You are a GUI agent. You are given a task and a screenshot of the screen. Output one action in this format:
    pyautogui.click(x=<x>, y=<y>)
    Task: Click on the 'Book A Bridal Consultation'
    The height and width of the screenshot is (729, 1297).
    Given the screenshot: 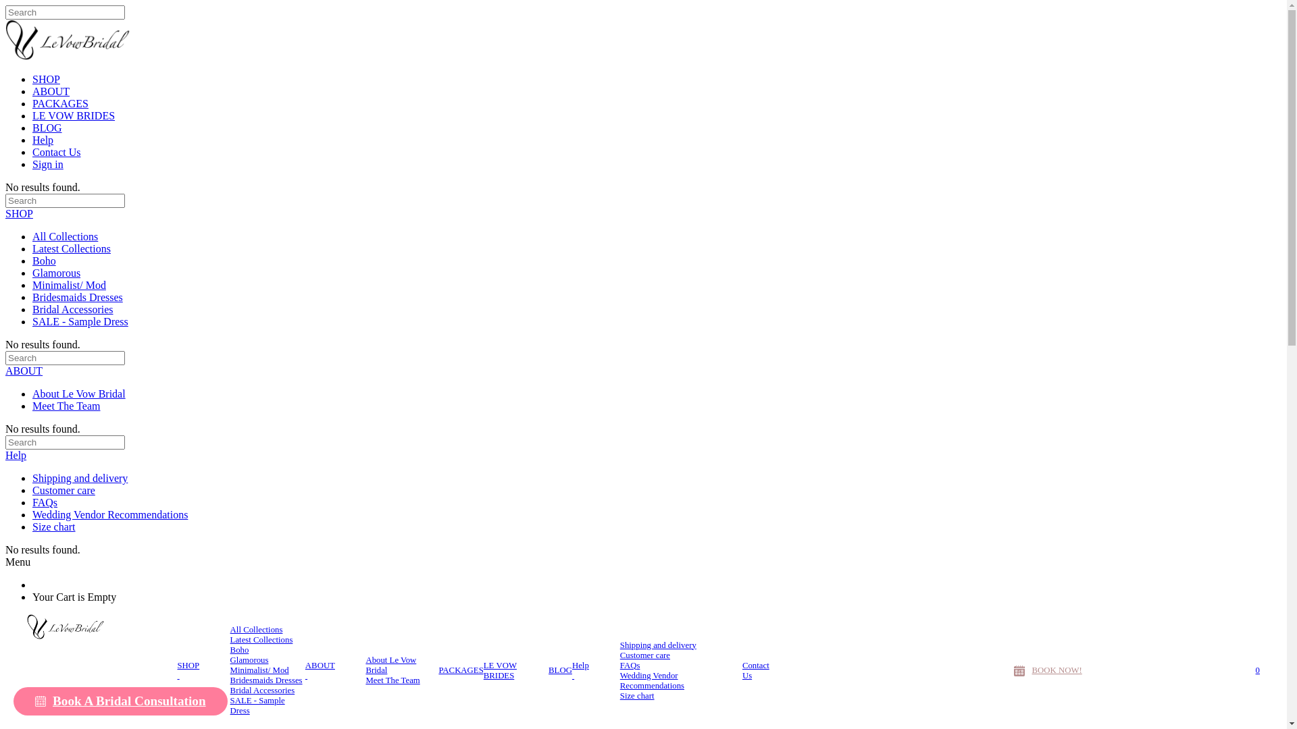 What is the action you would take?
    pyautogui.click(x=120, y=700)
    